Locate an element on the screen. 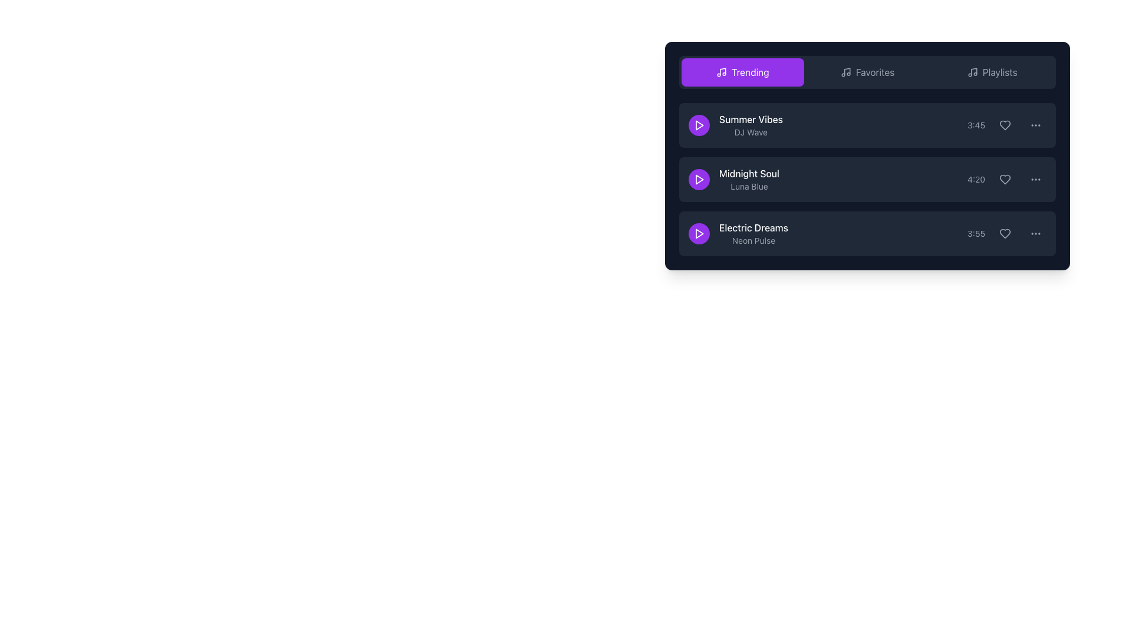 The image size is (1132, 636). the heart icon button representing the 'like' function located in the third column of the 'Midnight Soul' entry row is located at coordinates (1006, 179).